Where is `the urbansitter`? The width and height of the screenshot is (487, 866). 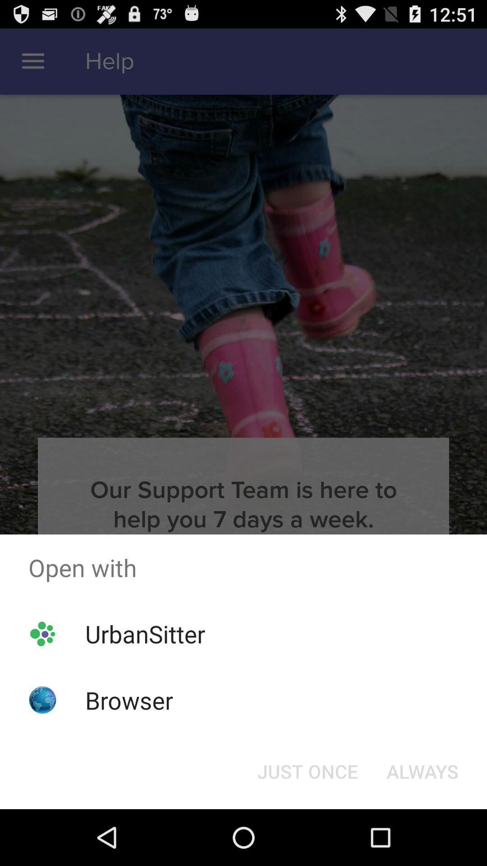 the urbansitter is located at coordinates (145, 633).